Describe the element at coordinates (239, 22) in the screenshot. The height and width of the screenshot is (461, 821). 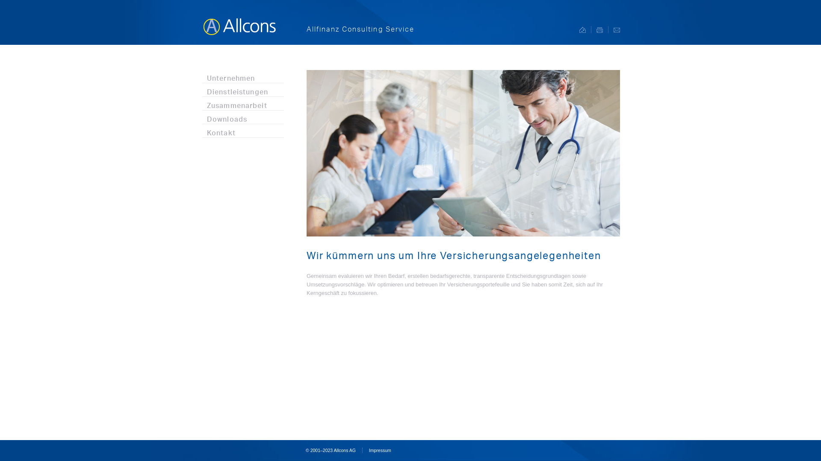
I see `'Allcons AG'` at that location.